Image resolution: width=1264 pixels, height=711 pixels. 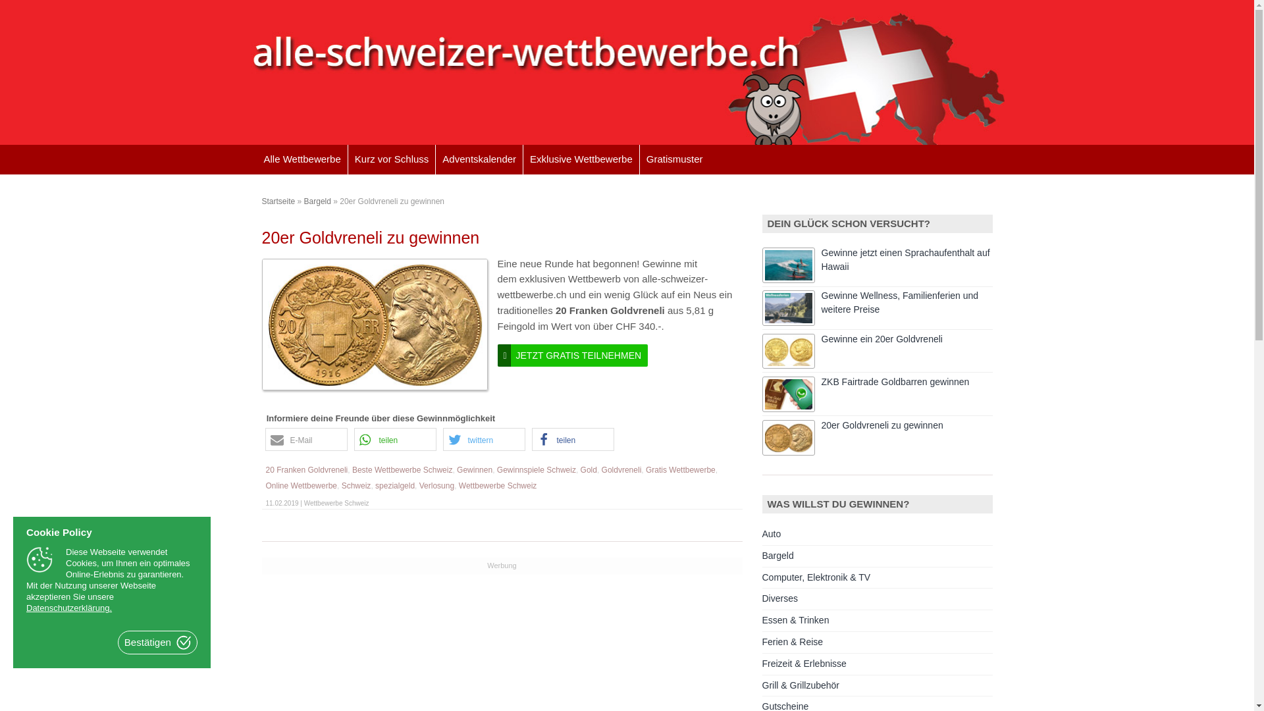 What do you see at coordinates (780, 598) in the screenshot?
I see `'Diverses'` at bounding box center [780, 598].